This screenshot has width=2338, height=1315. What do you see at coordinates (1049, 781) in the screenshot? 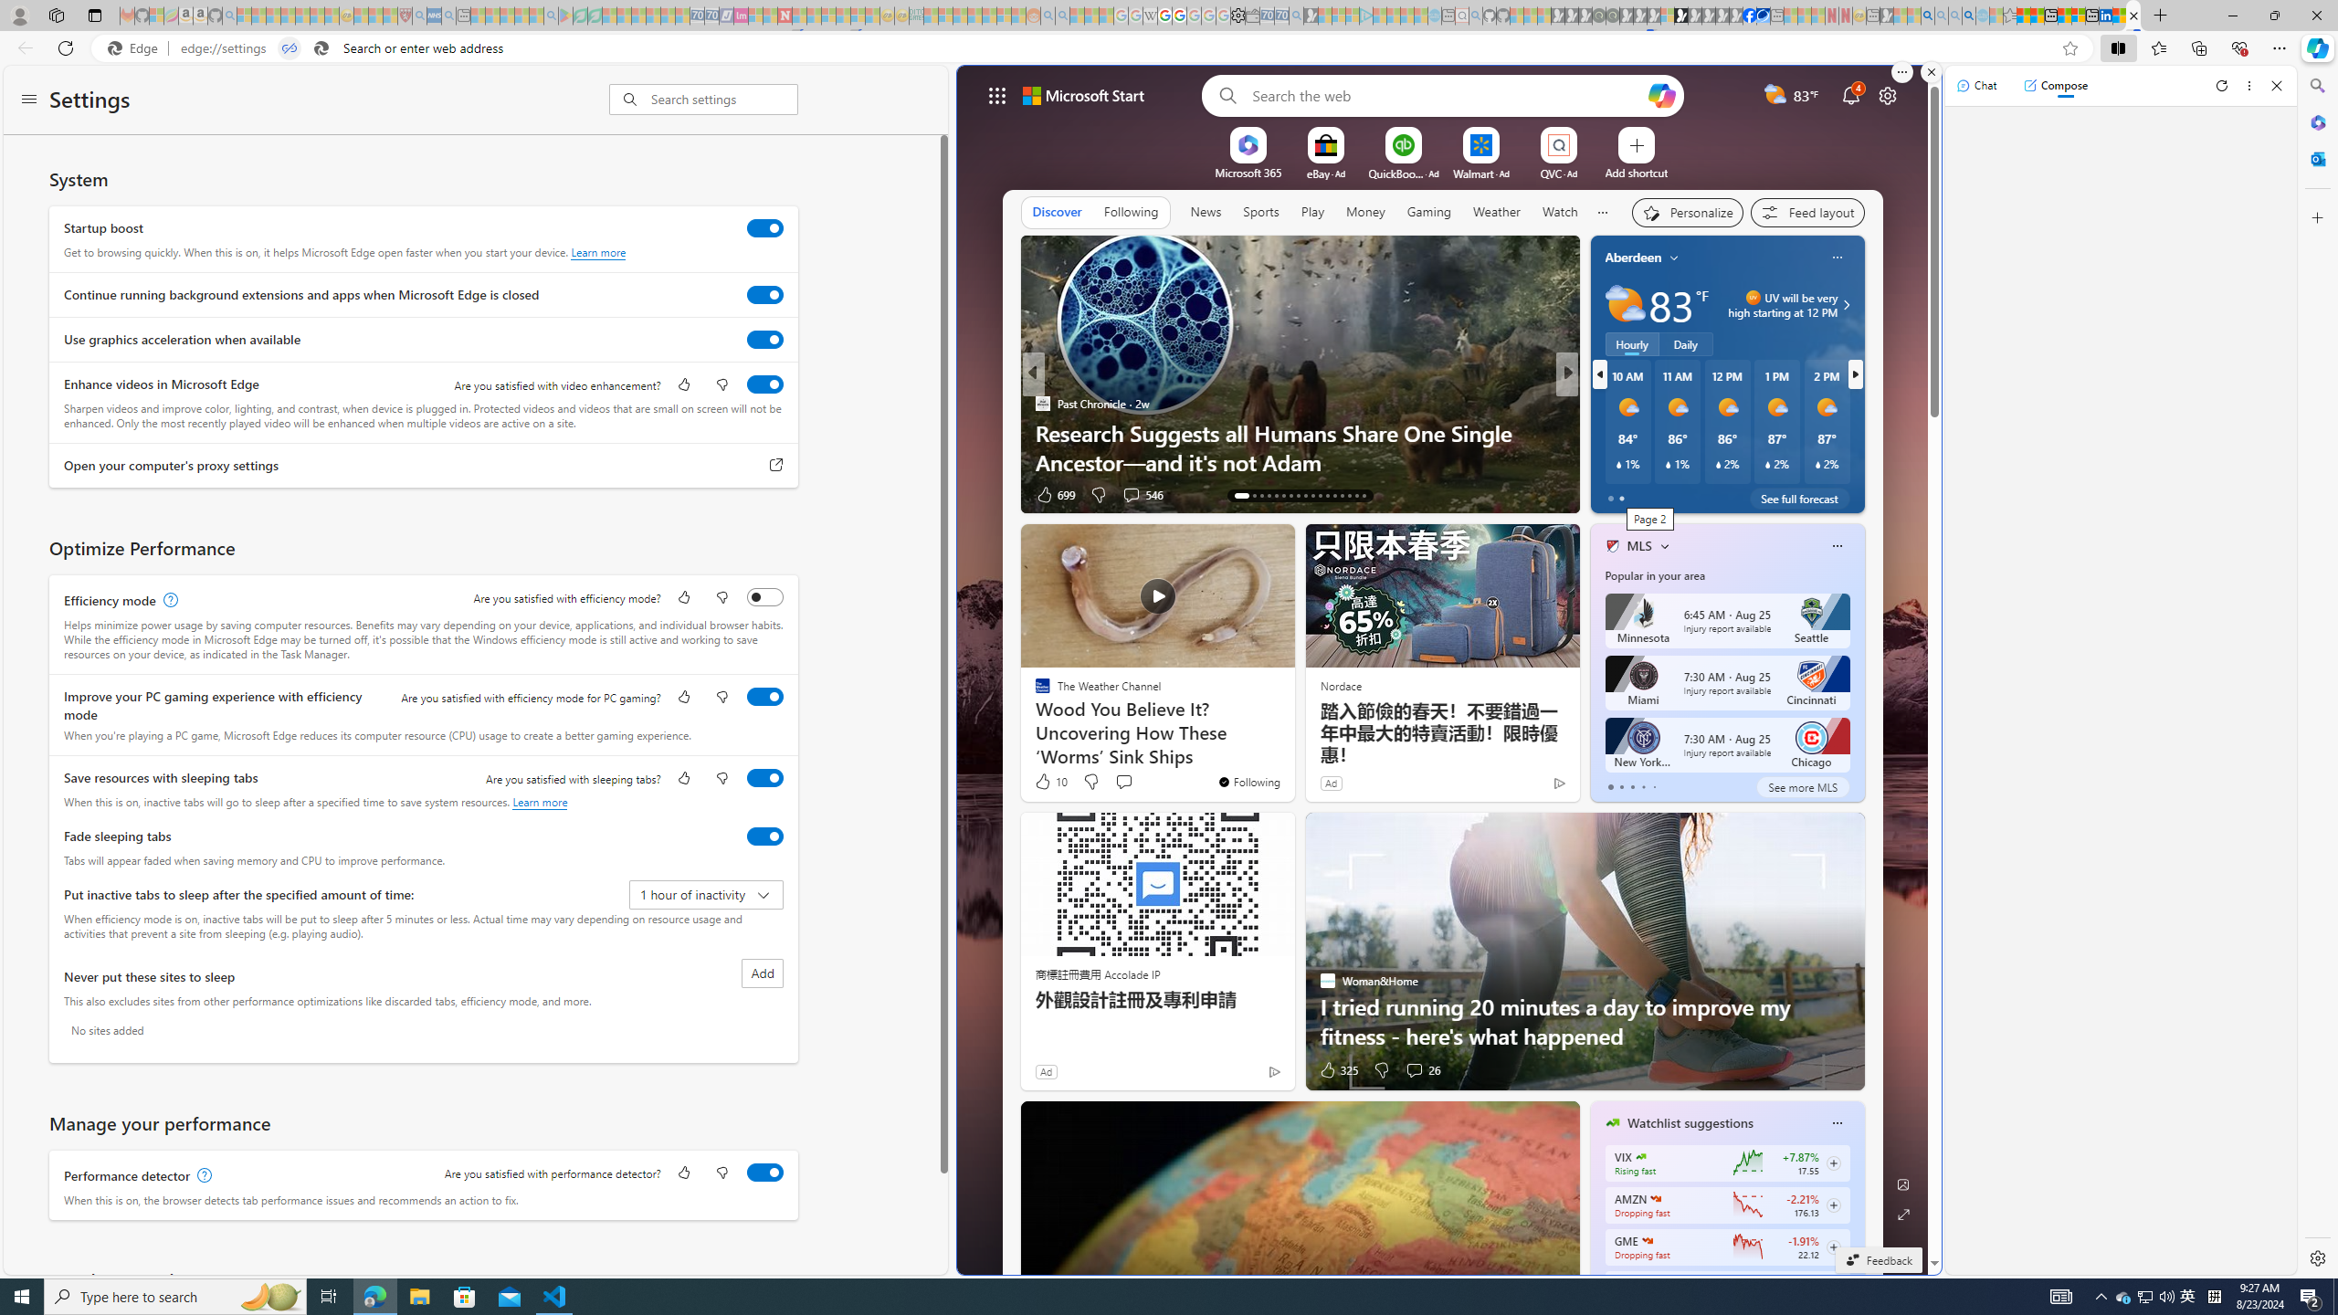
I see `'10 Like'` at bounding box center [1049, 781].